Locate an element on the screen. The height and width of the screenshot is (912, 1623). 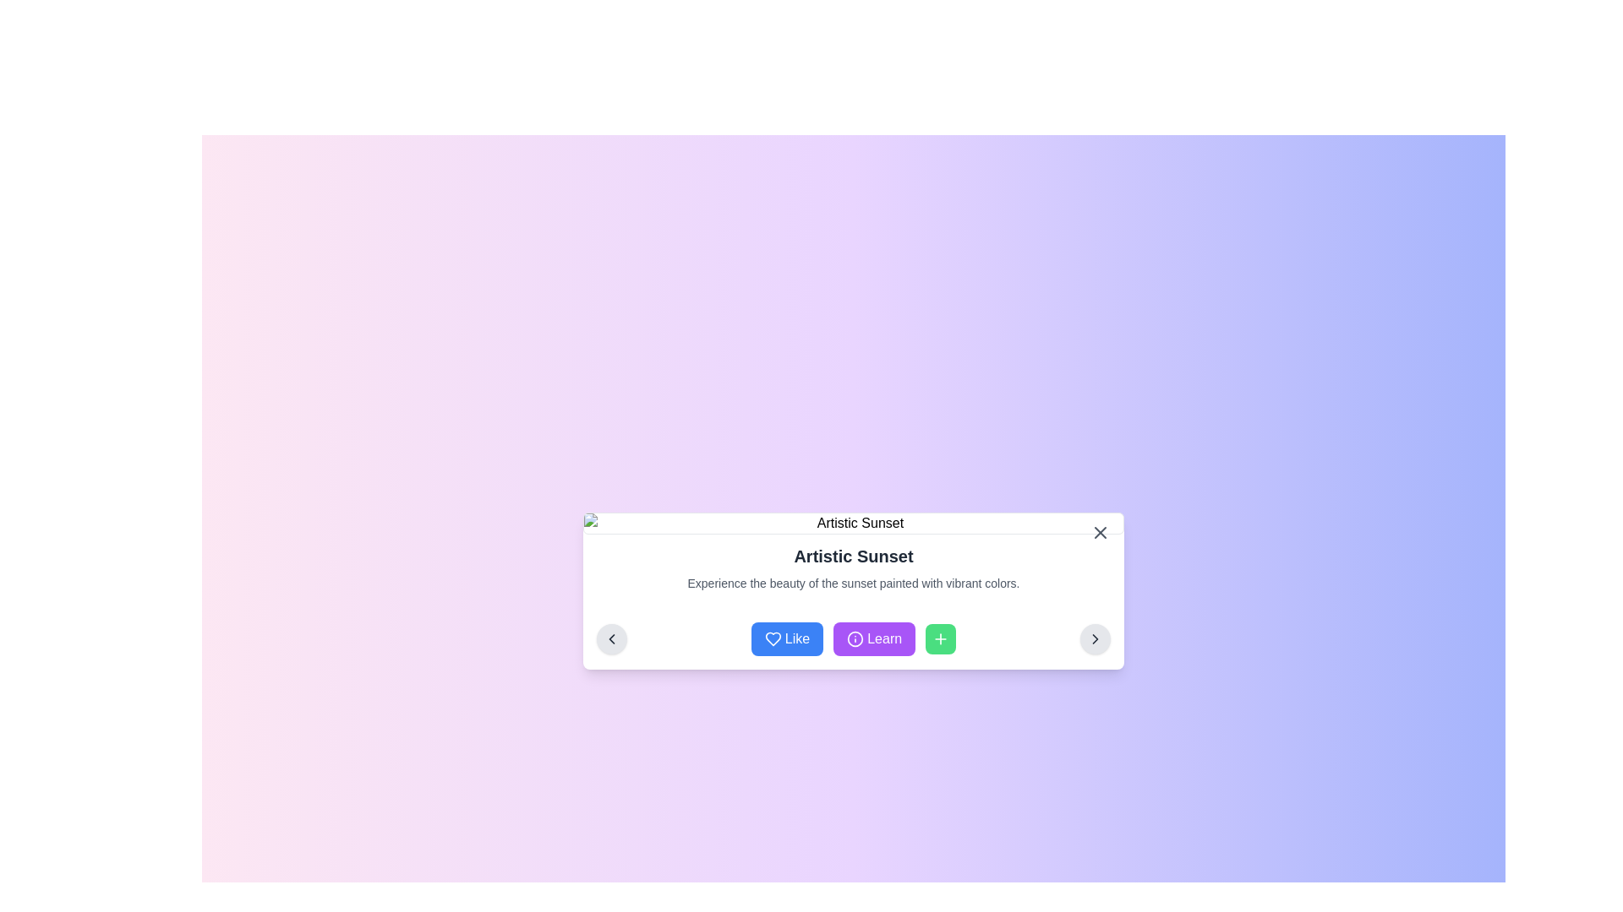
image placeholder with rounded borders that has the alternate text description 'Artistic Sunset' and is located above the title text 'Artistic Sunset' is located at coordinates (853, 523).